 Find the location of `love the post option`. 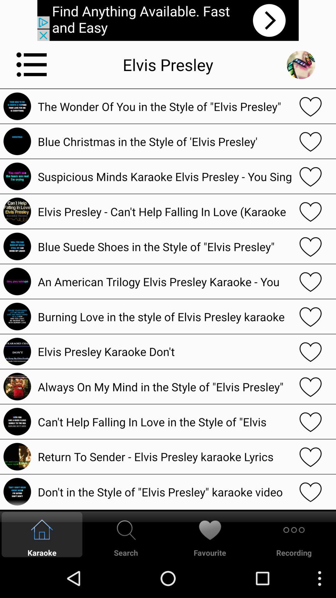

love the post option is located at coordinates (310, 491).